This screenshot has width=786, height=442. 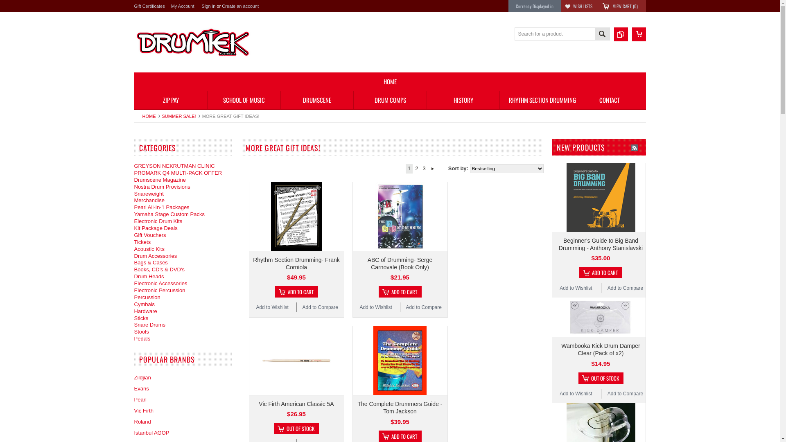 I want to click on 'Zildjian', so click(x=142, y=377).